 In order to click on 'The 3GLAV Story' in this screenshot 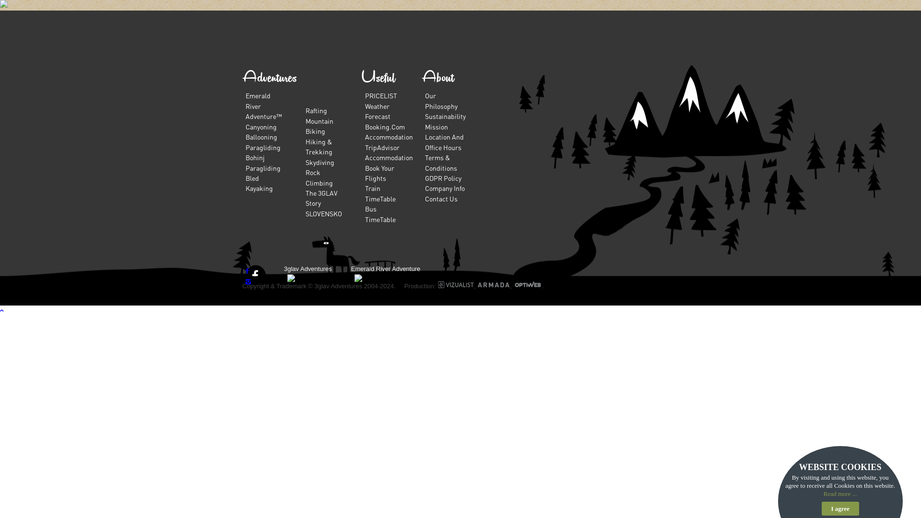, I will do `click(321, 197)`.